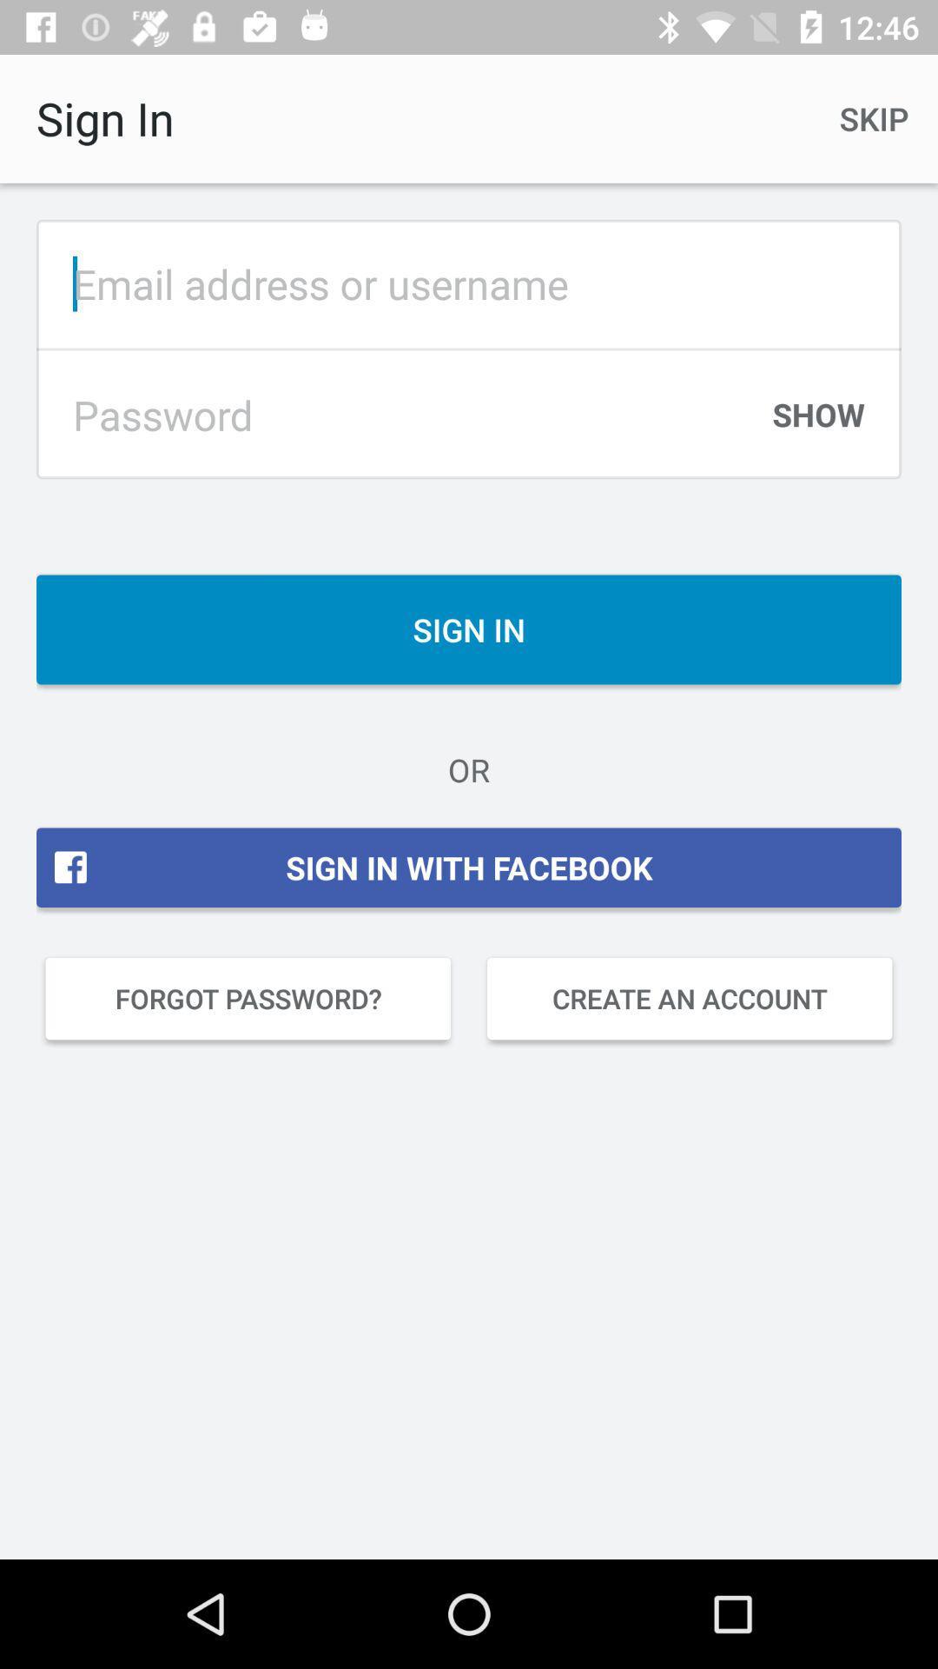 This screenshot has height=1669, width=938. I want to click on item next to sign in icon, so click(874, 117).